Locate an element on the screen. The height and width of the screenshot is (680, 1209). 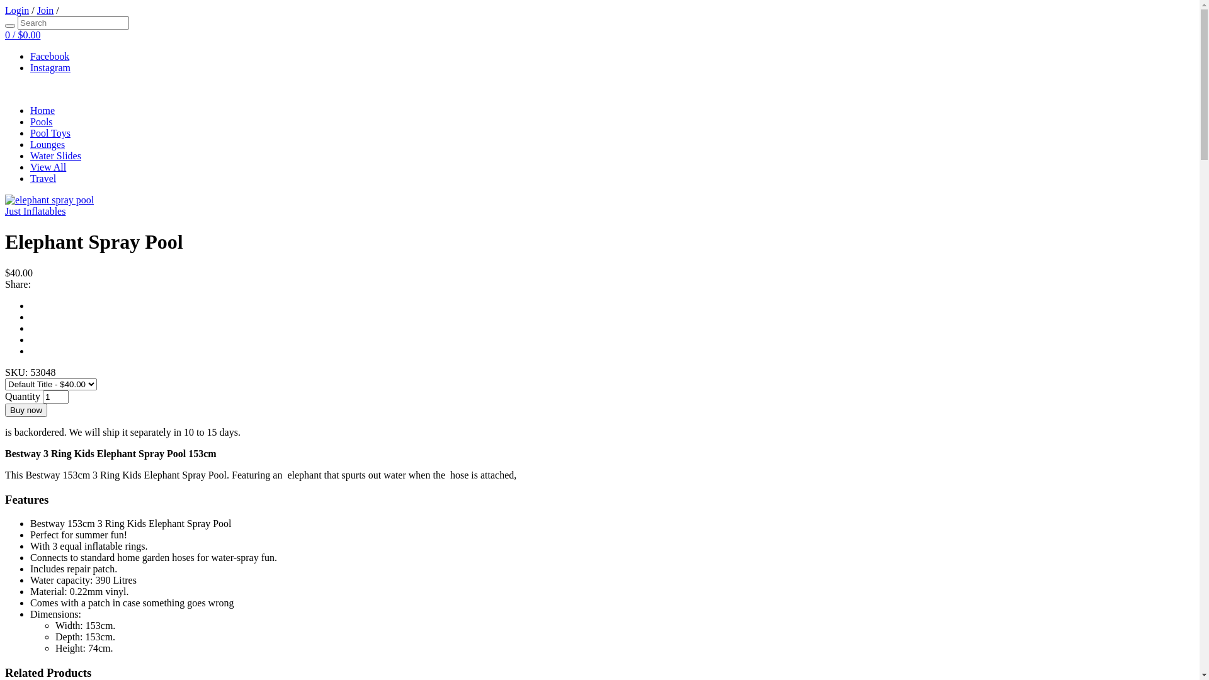
'Lounges' is located at coordinates (47, 144).